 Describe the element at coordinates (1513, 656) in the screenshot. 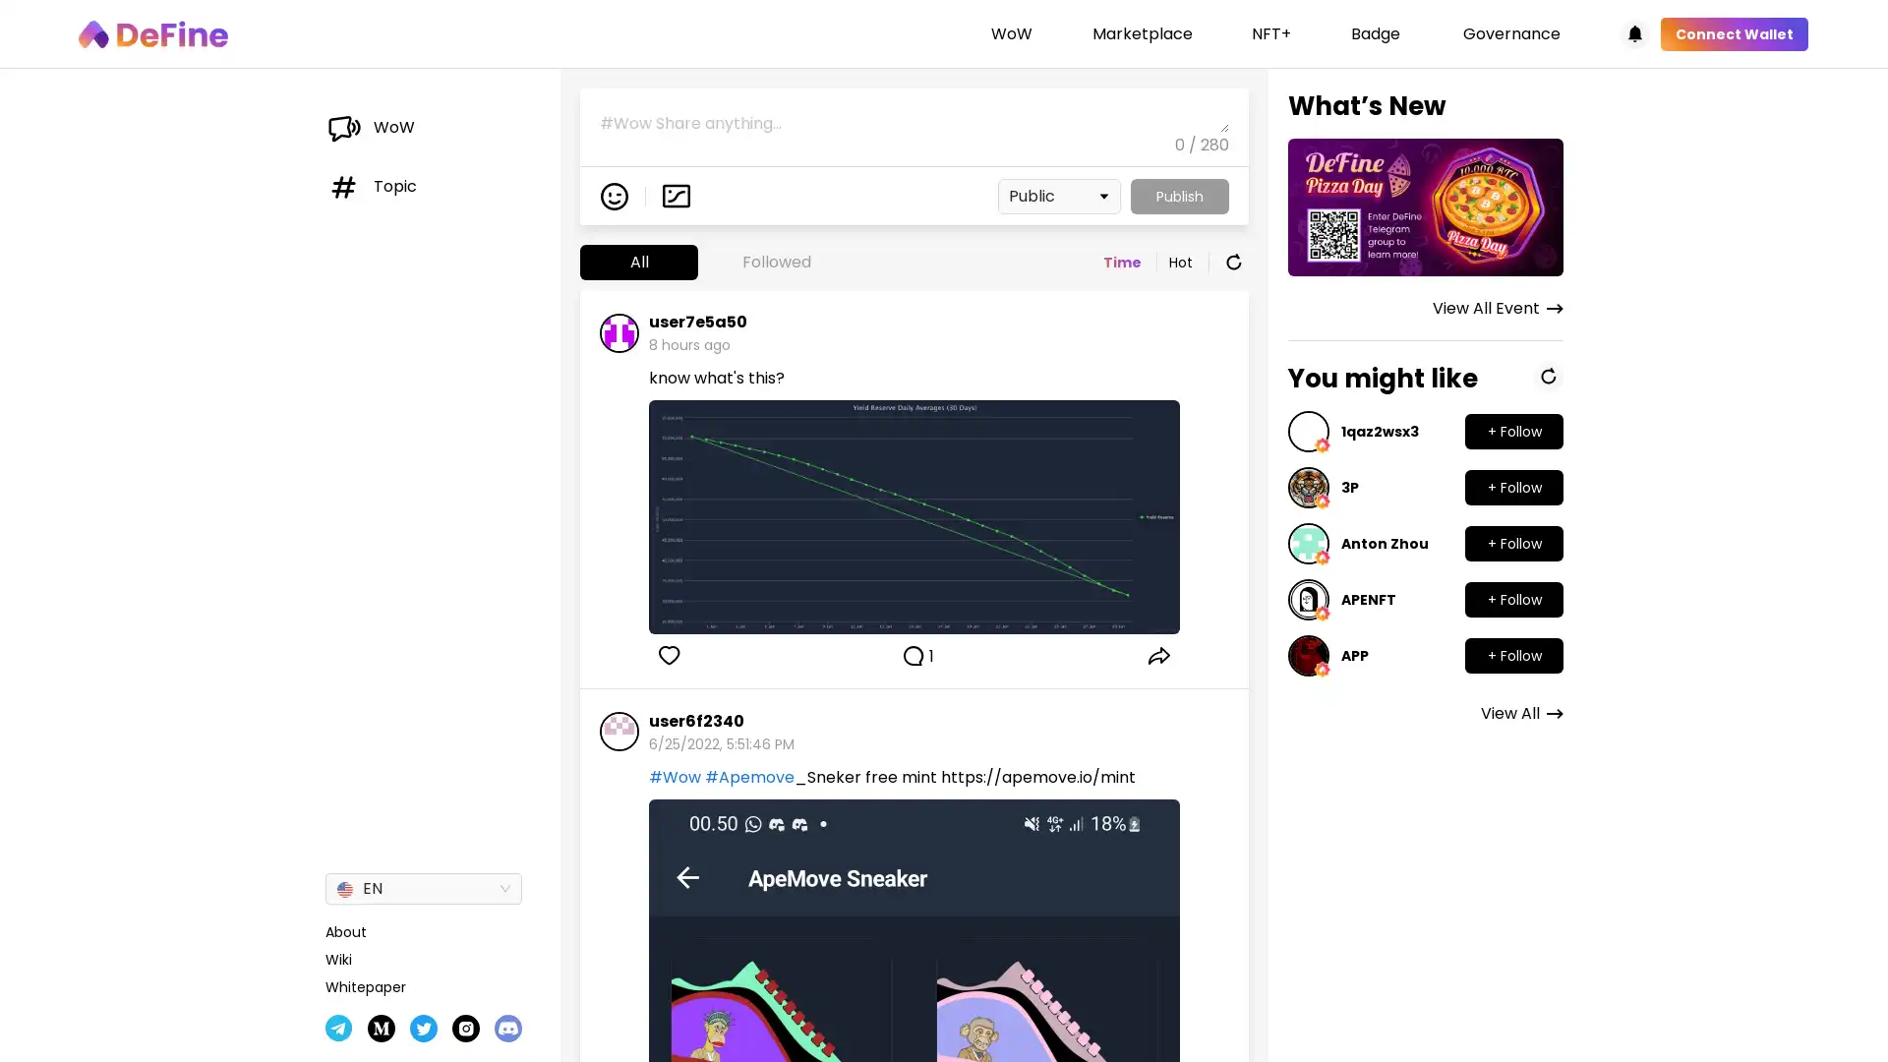

I see `+ Follow` at that location.